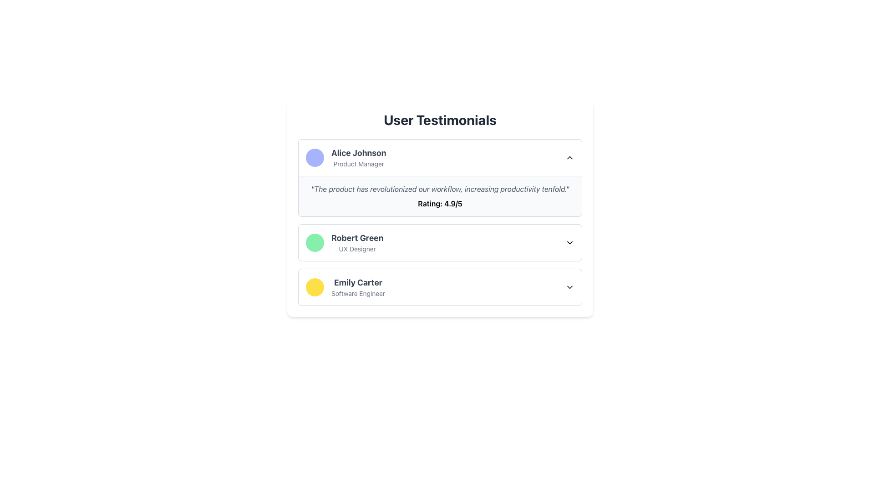  I want to click on User profile display for 'Alice Johnson', which features a rounded light purple avatar and the title 'Product Manager' beneath it, located in the 'User Testimonials' section, so click(346, 157).